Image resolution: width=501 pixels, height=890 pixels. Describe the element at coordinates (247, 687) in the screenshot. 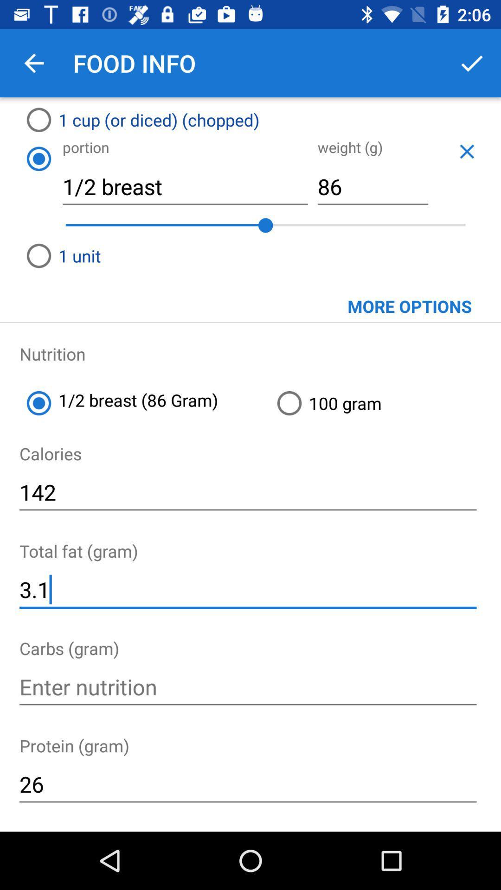

I see `carbs` at that location.